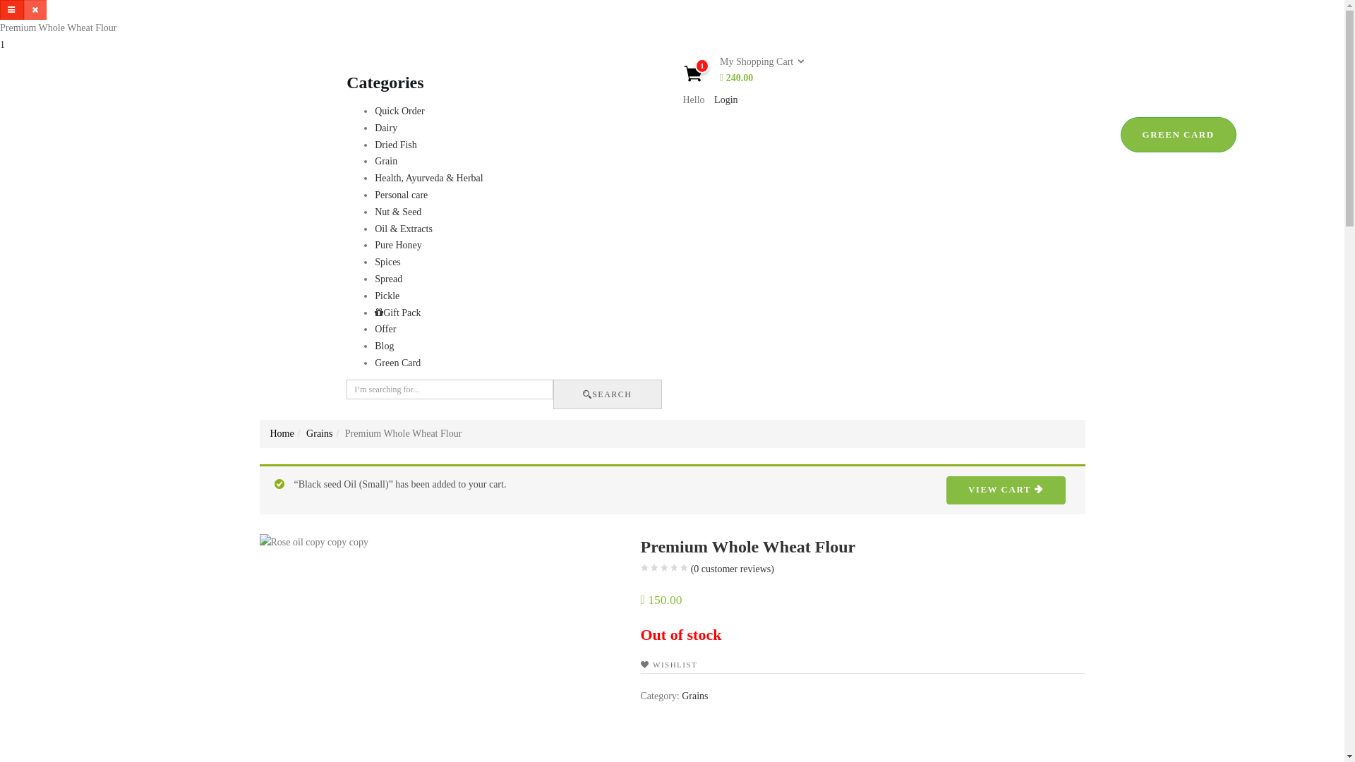 This screenshot has width=1355, height=762. Describe the element at coordinates (607, 394) in the screenshot. I see `'SEARCH'` at that location.